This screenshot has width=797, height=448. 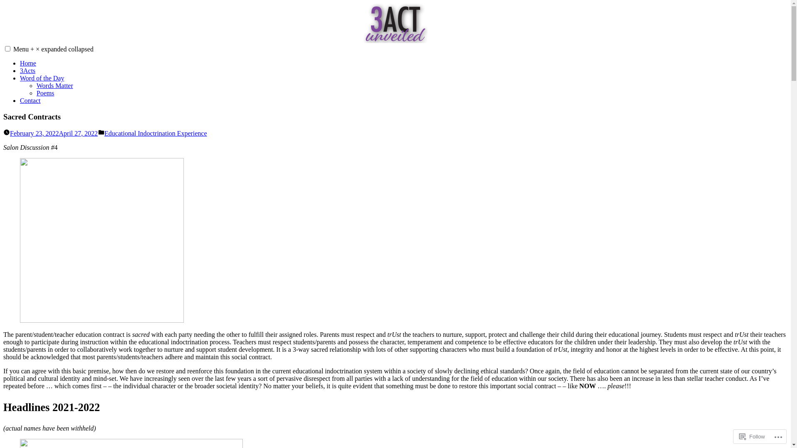 I want to click on 'February 23, 2022April 27, 2022', so click(x=53, y=133).